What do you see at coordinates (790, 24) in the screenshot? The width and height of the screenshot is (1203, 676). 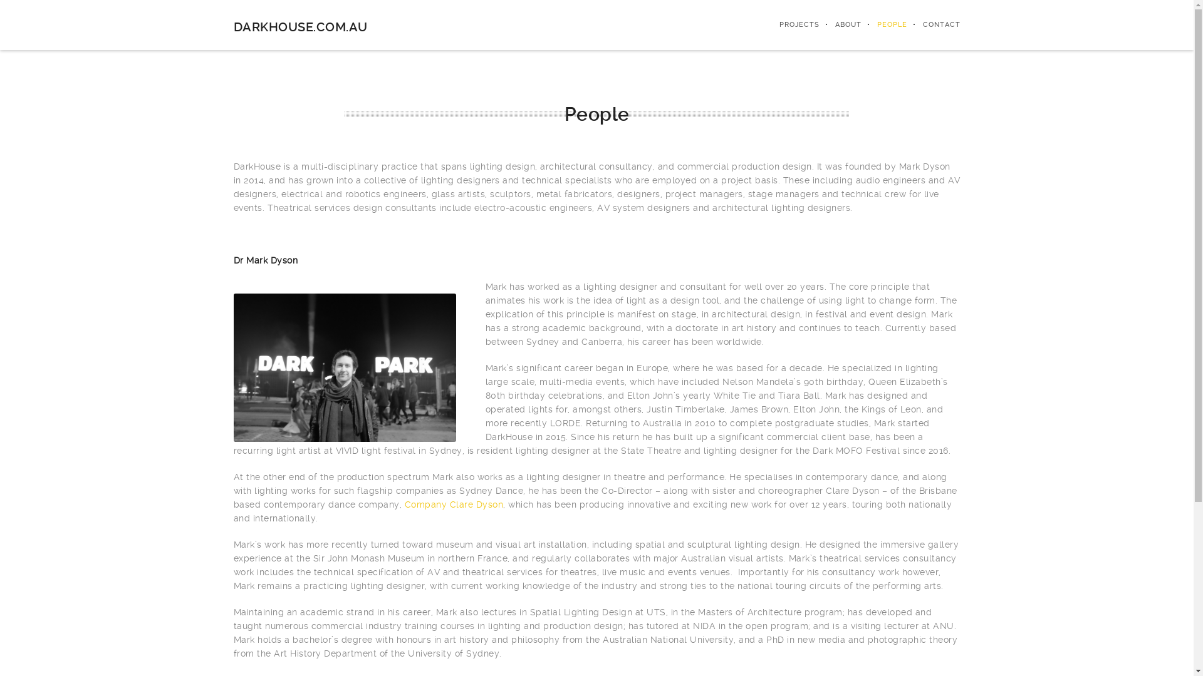 I see `'PROJECTS'` at bounding box center [790, 24].